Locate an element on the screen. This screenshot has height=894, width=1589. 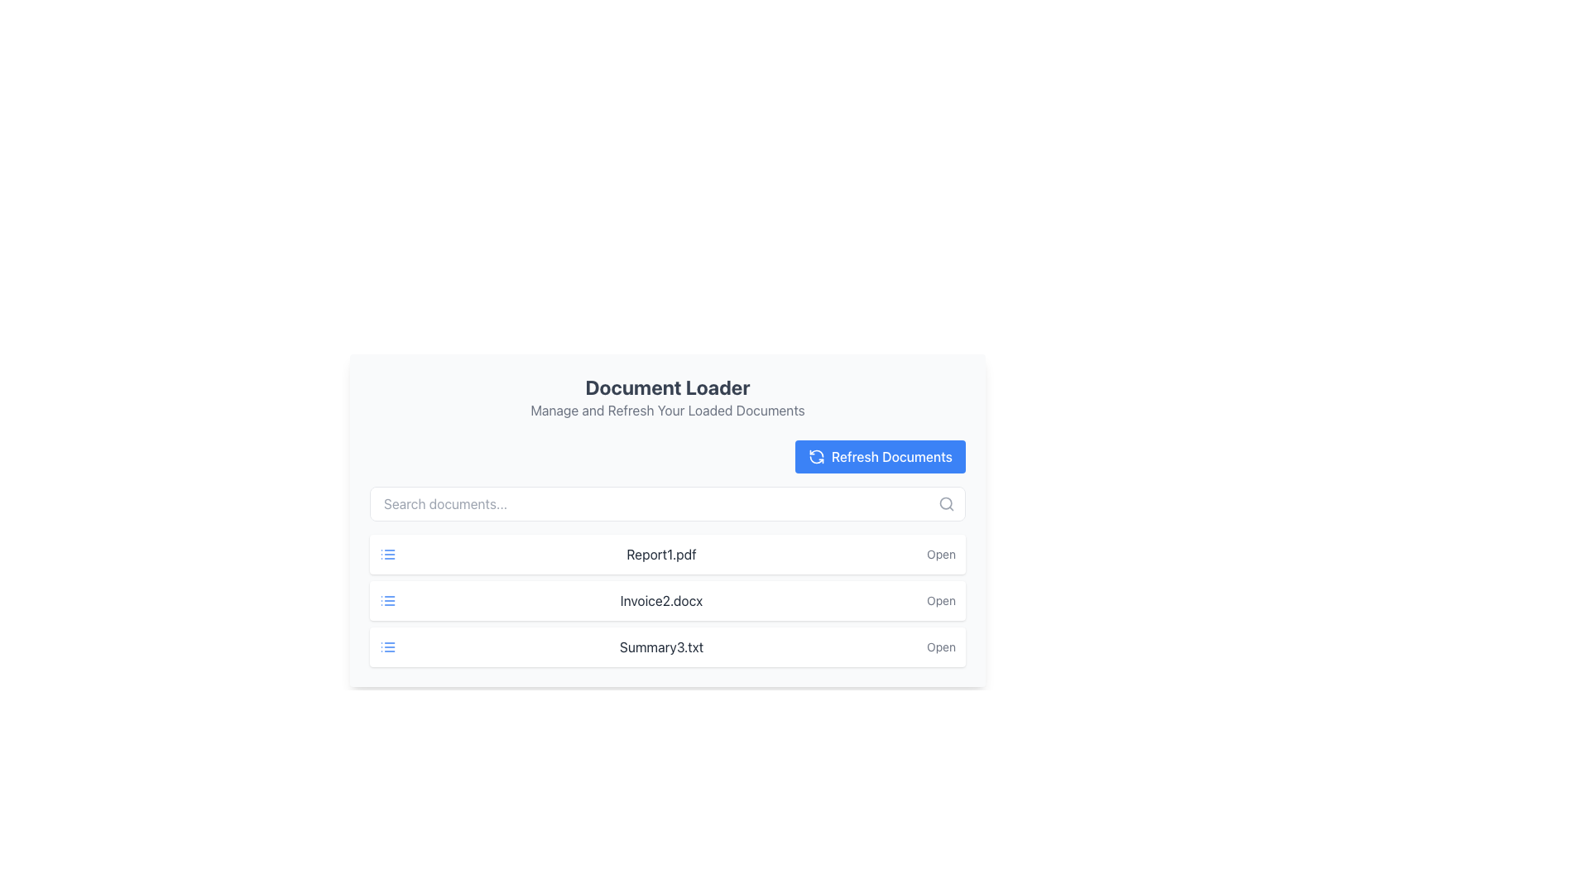
the small, vertically-aligned blue document list icon located to the left of the text 'Invoice2.docx' is located at coordinates (387, 600).